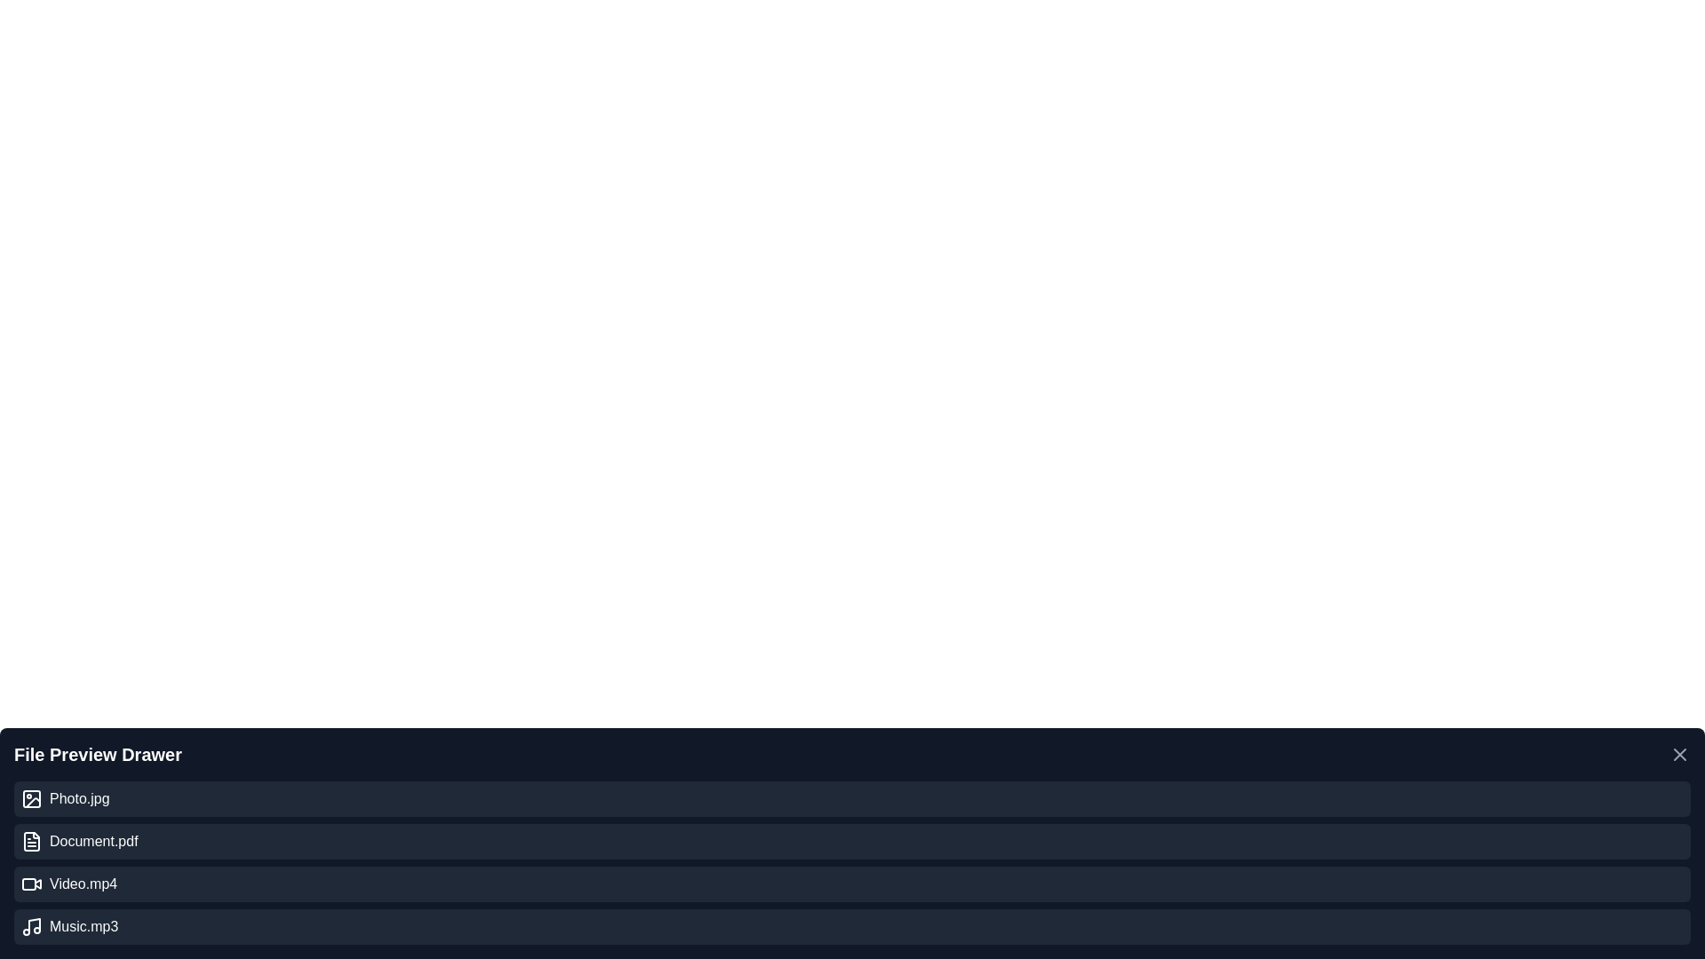 The height and width of the screenshot is (959, 1705). What do you see at coordinates (31, 797) in the screenshot?
I see `the photo file icon located at the top-left corner of the 'File Preview Drawer' sidebar` at bounding box center [31, 797].